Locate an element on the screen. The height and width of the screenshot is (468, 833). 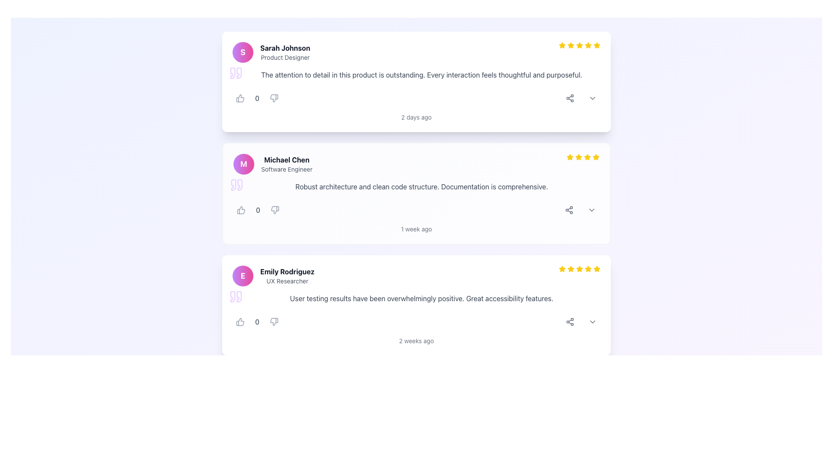
the first star icon in the rating system to rate it is located at coordinates (570, 157).